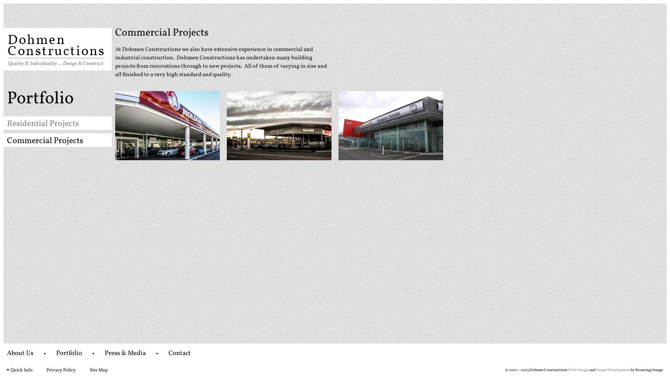 This screenshot has height=377, width=670. I want to click on 'Cannington, so click(167, 125).